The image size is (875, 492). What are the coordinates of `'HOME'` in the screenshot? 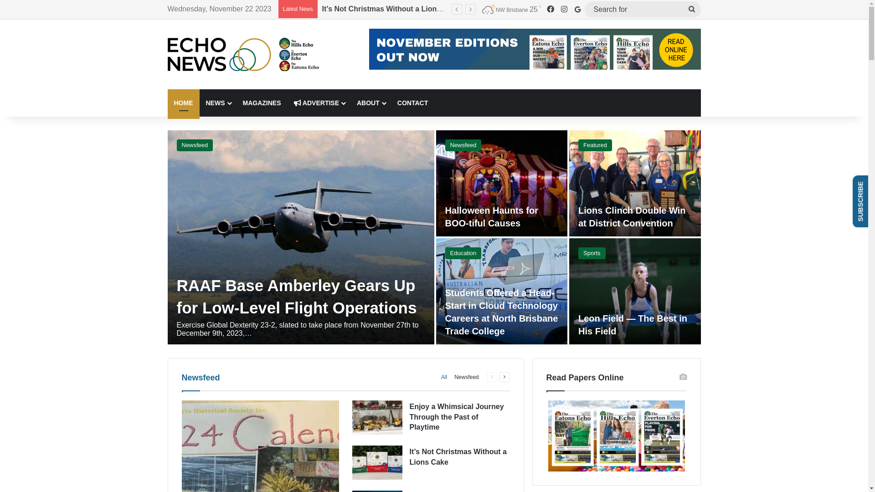 It's located at (183, 102).